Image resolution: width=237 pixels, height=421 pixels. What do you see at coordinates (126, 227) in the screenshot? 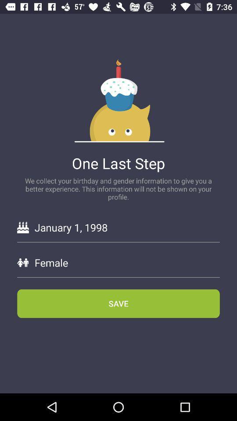
I see `item below we collect your item` at bounding box center [126, 227].